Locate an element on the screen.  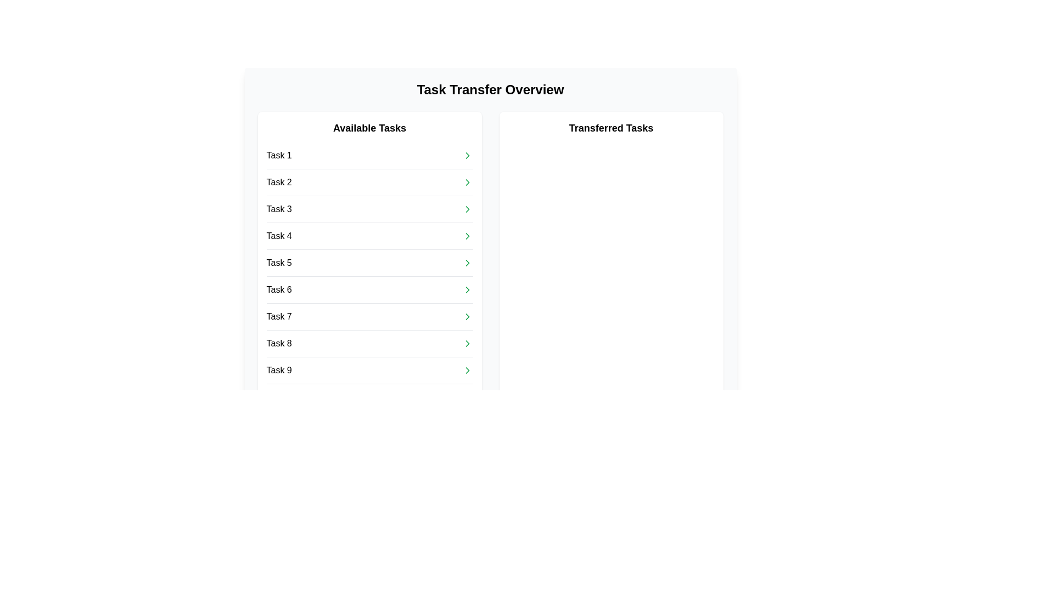
the rightward-pointing chevron indicator associated with 'Task 4' in the 'Available Tasks' section is located at coordinates (467, 236).